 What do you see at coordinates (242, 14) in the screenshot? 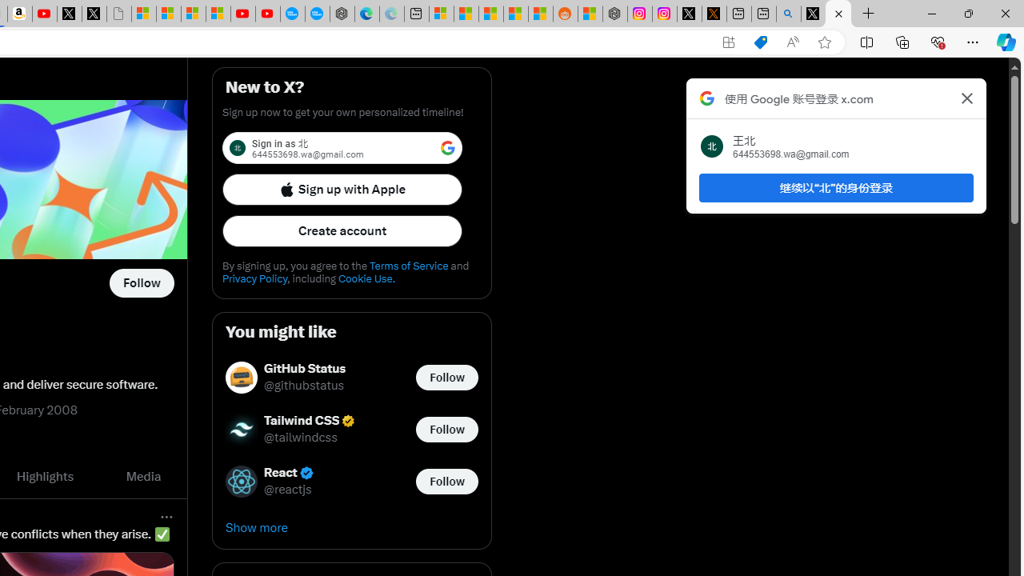
I see `'Gloom - YouTube'` at bounding box center [242, 14].